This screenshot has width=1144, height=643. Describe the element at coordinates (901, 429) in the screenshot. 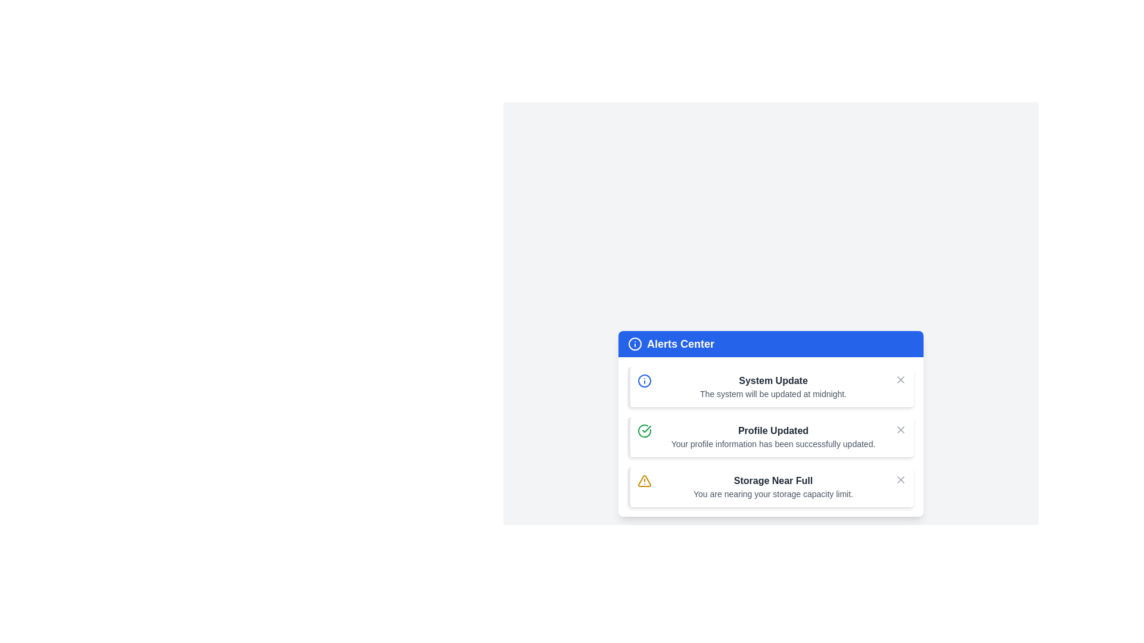

I see `the close button of the 'Profile Updated' notification to change its color to red` at that location.